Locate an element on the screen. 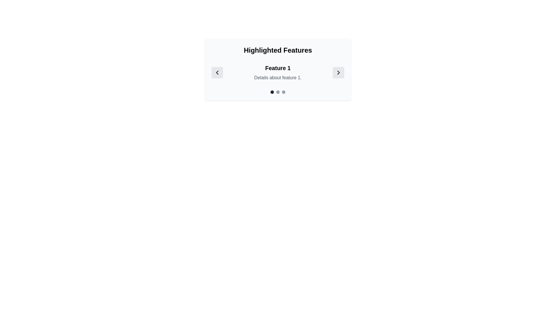  the rightmost rounded rectangular button with a light gray background and a right-pointing chevron icon is located at coordinates (339, 72).